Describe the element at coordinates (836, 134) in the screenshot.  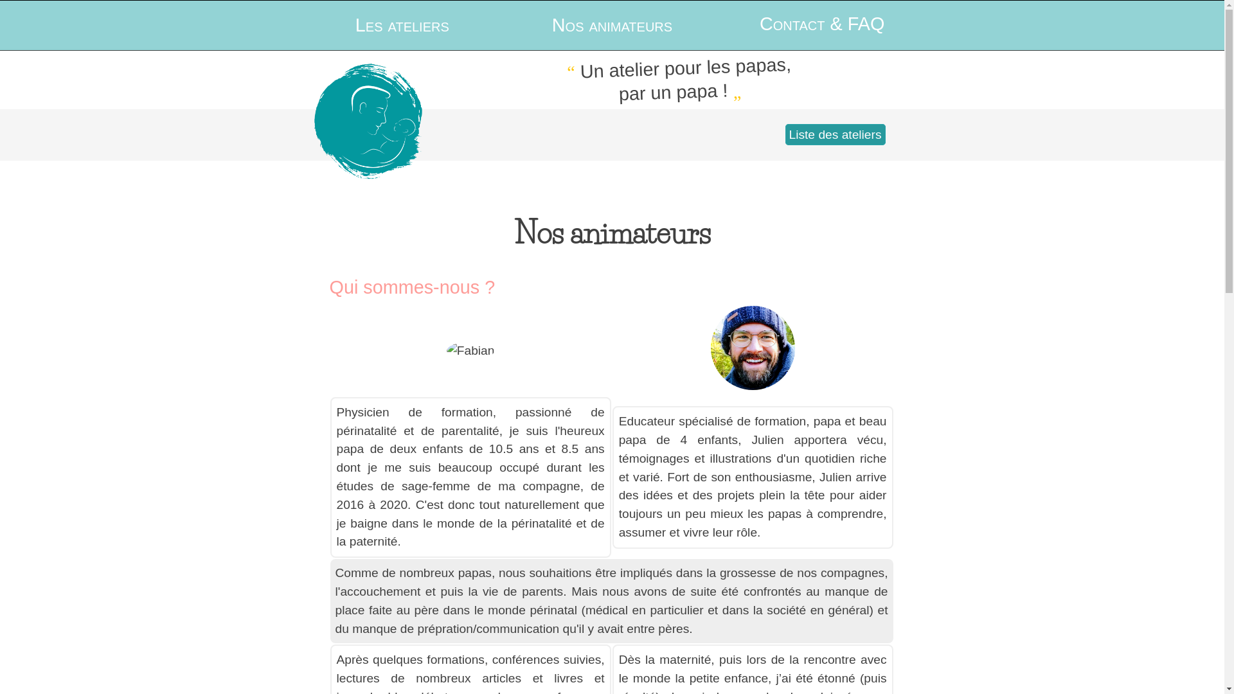
I see `'Liste des ateliers'` at that location.